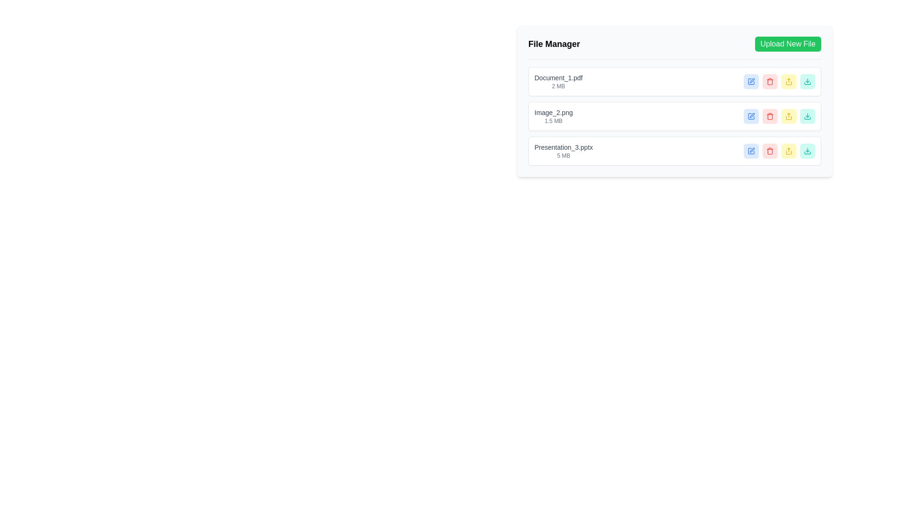 The image size is (901, 507). Describe the element at coordinates (770, 150) in the screenshot. I see `the red trash bin icon button next to 'Presentation_3.pptx'` at that location.